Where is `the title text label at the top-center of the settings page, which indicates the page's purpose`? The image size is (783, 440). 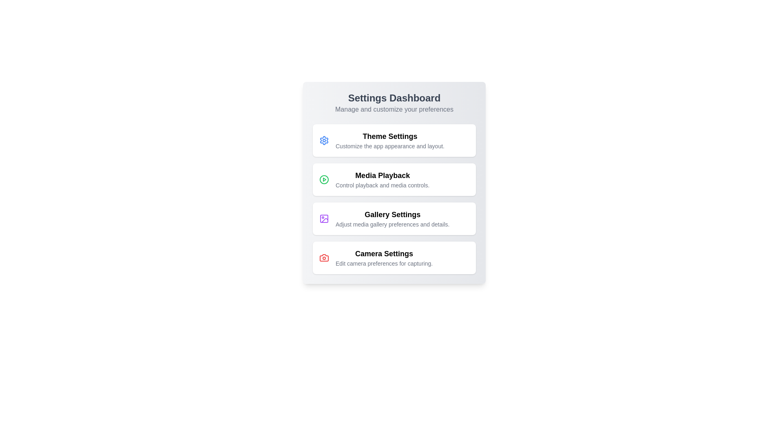
the title text label at the top-center of the settings page, which indicates the page's purpose is located at coordinates (394, 97).